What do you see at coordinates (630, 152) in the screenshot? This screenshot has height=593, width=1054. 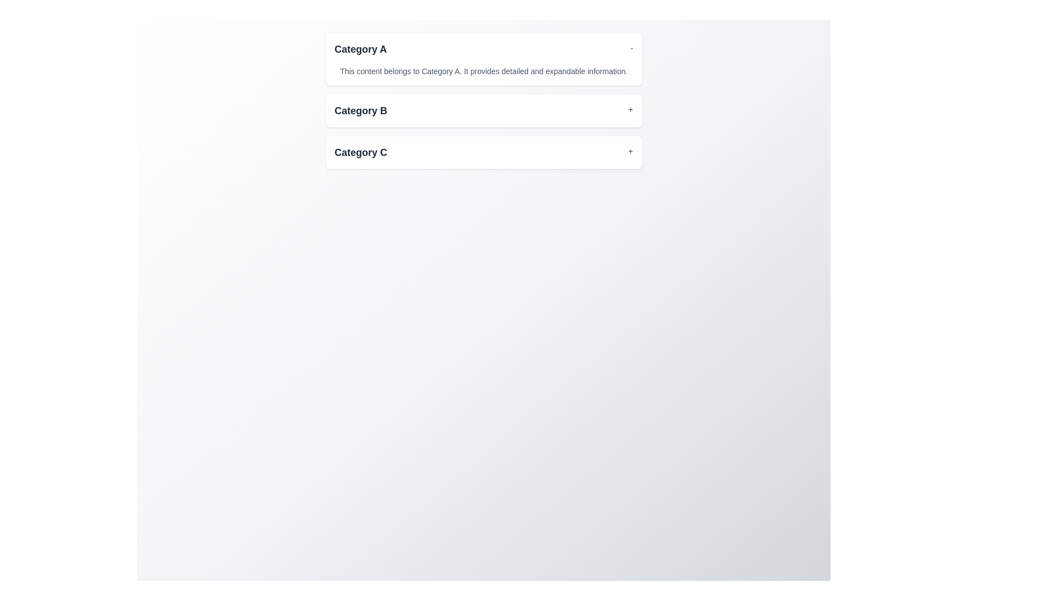 I see `the '+' button located on the rightmost side of the row for 'Category C'` at bounding box center [630, 152].